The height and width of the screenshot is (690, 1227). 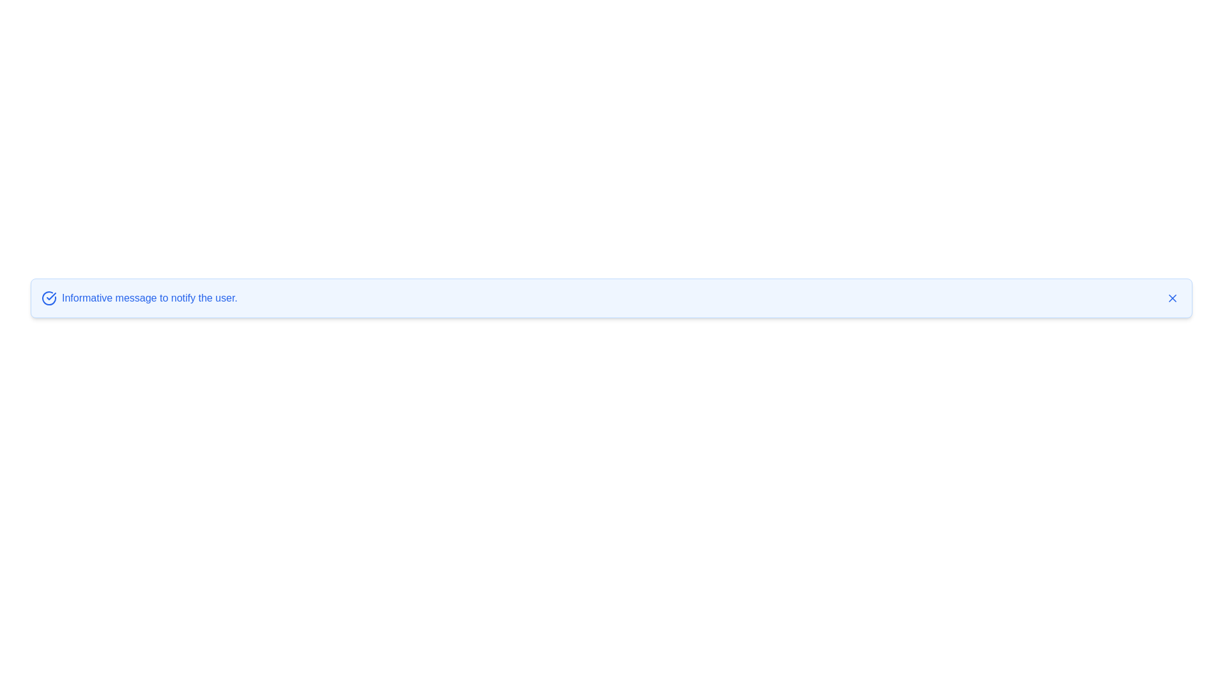 I want to click on the success indicator icon located on the left side of the horizontal notification banner that contains a blue text message 'Informative message to notify the user.', so click(x=49, y=298).